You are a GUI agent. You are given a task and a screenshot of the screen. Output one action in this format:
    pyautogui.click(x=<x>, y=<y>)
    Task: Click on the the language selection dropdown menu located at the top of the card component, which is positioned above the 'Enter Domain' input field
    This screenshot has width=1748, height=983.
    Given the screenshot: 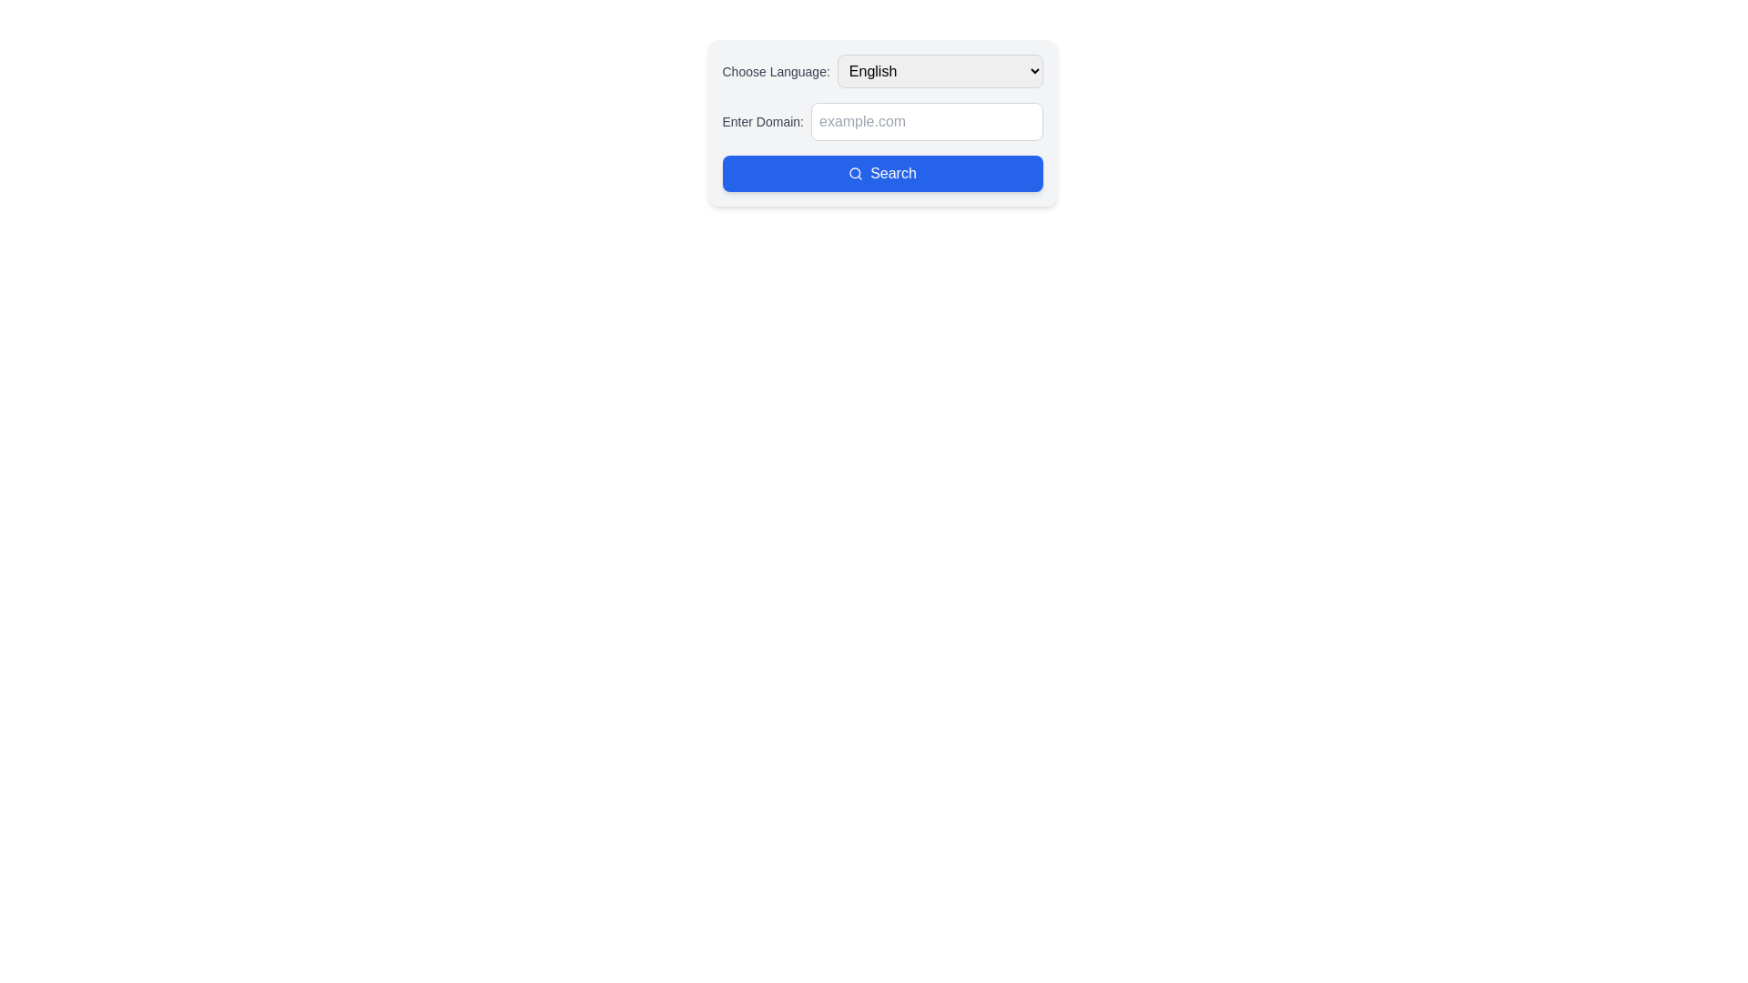 What is the action you would take?
    pyautogui.click(x=882, y=70)
    